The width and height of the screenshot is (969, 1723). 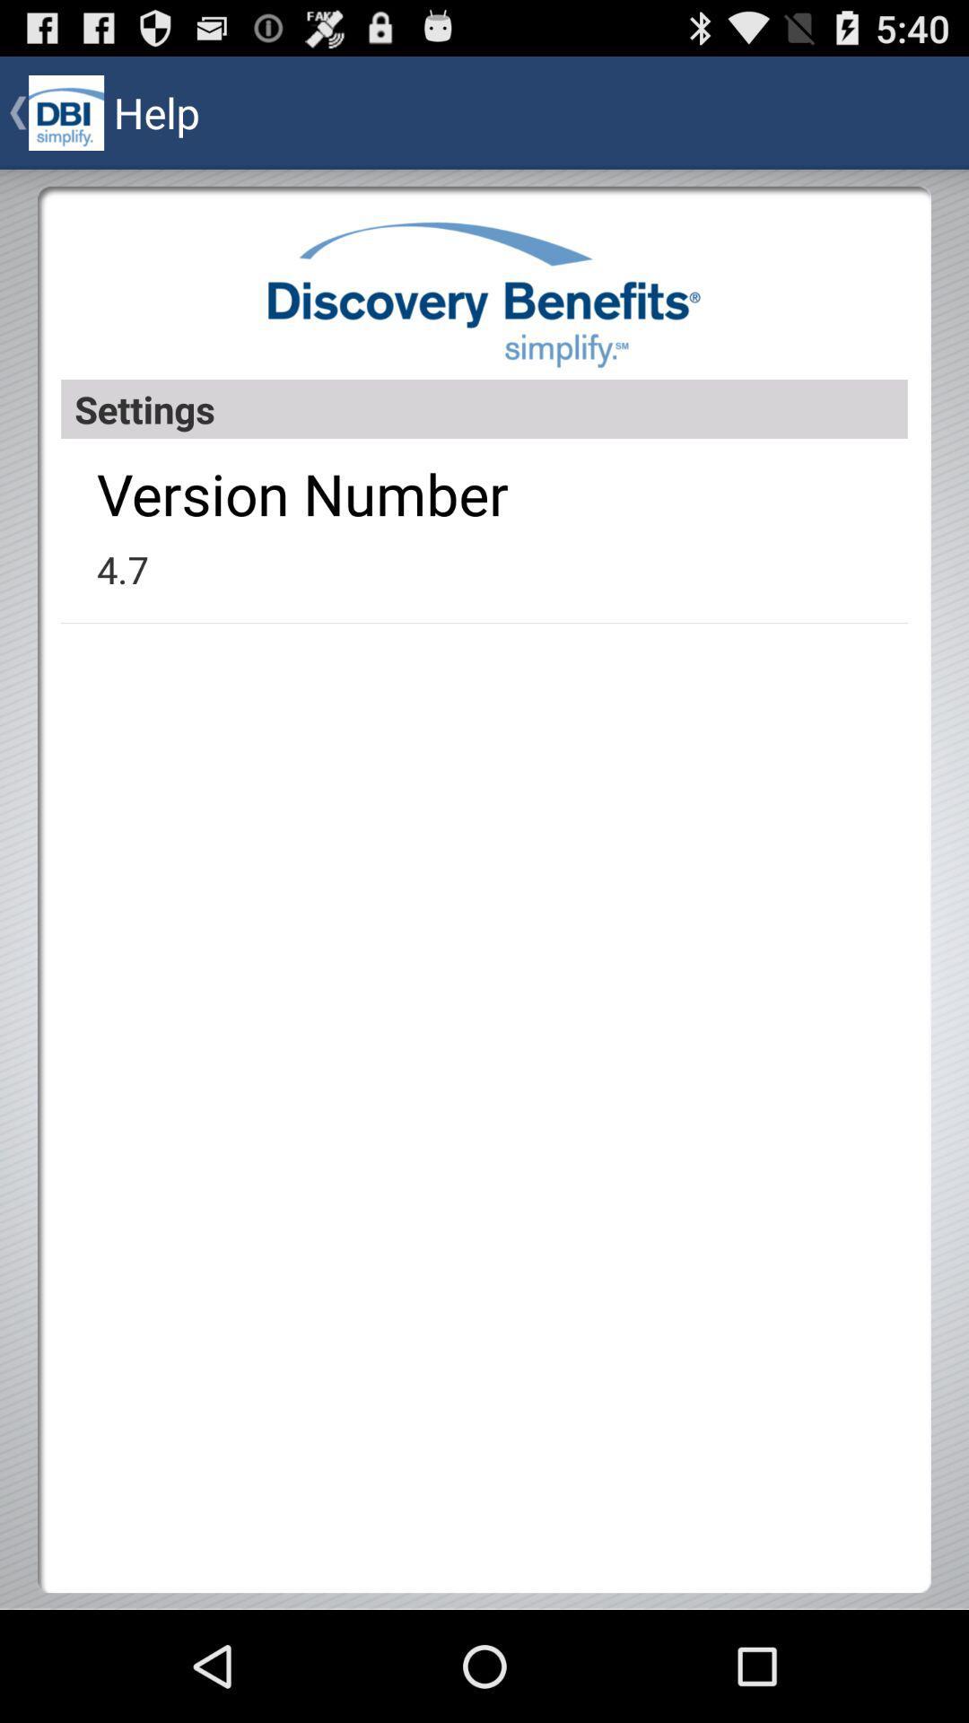 What do you see at coordinates (301, 494) in the screenshot?
I see `icon below the settings icon` at bounding box center [301, 494].